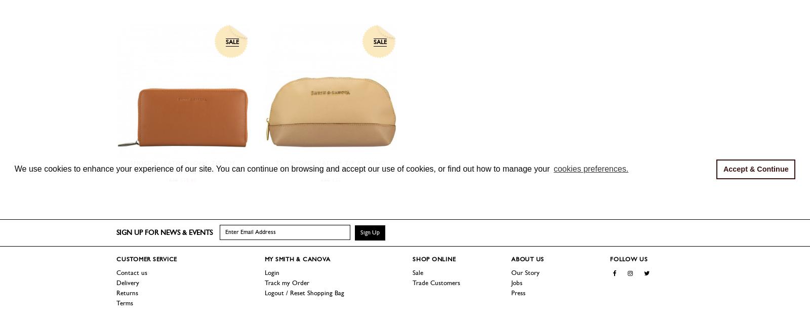 The width and height of the screenshot is (810, 319). What do you see at coordinates (14, 168) in the screenshot?
I see `'We use cookies to enhance your experience of our site. You can continue on browsing and accept our use of cookies, or find out how to manage your'` at bounding box center [14, 168].